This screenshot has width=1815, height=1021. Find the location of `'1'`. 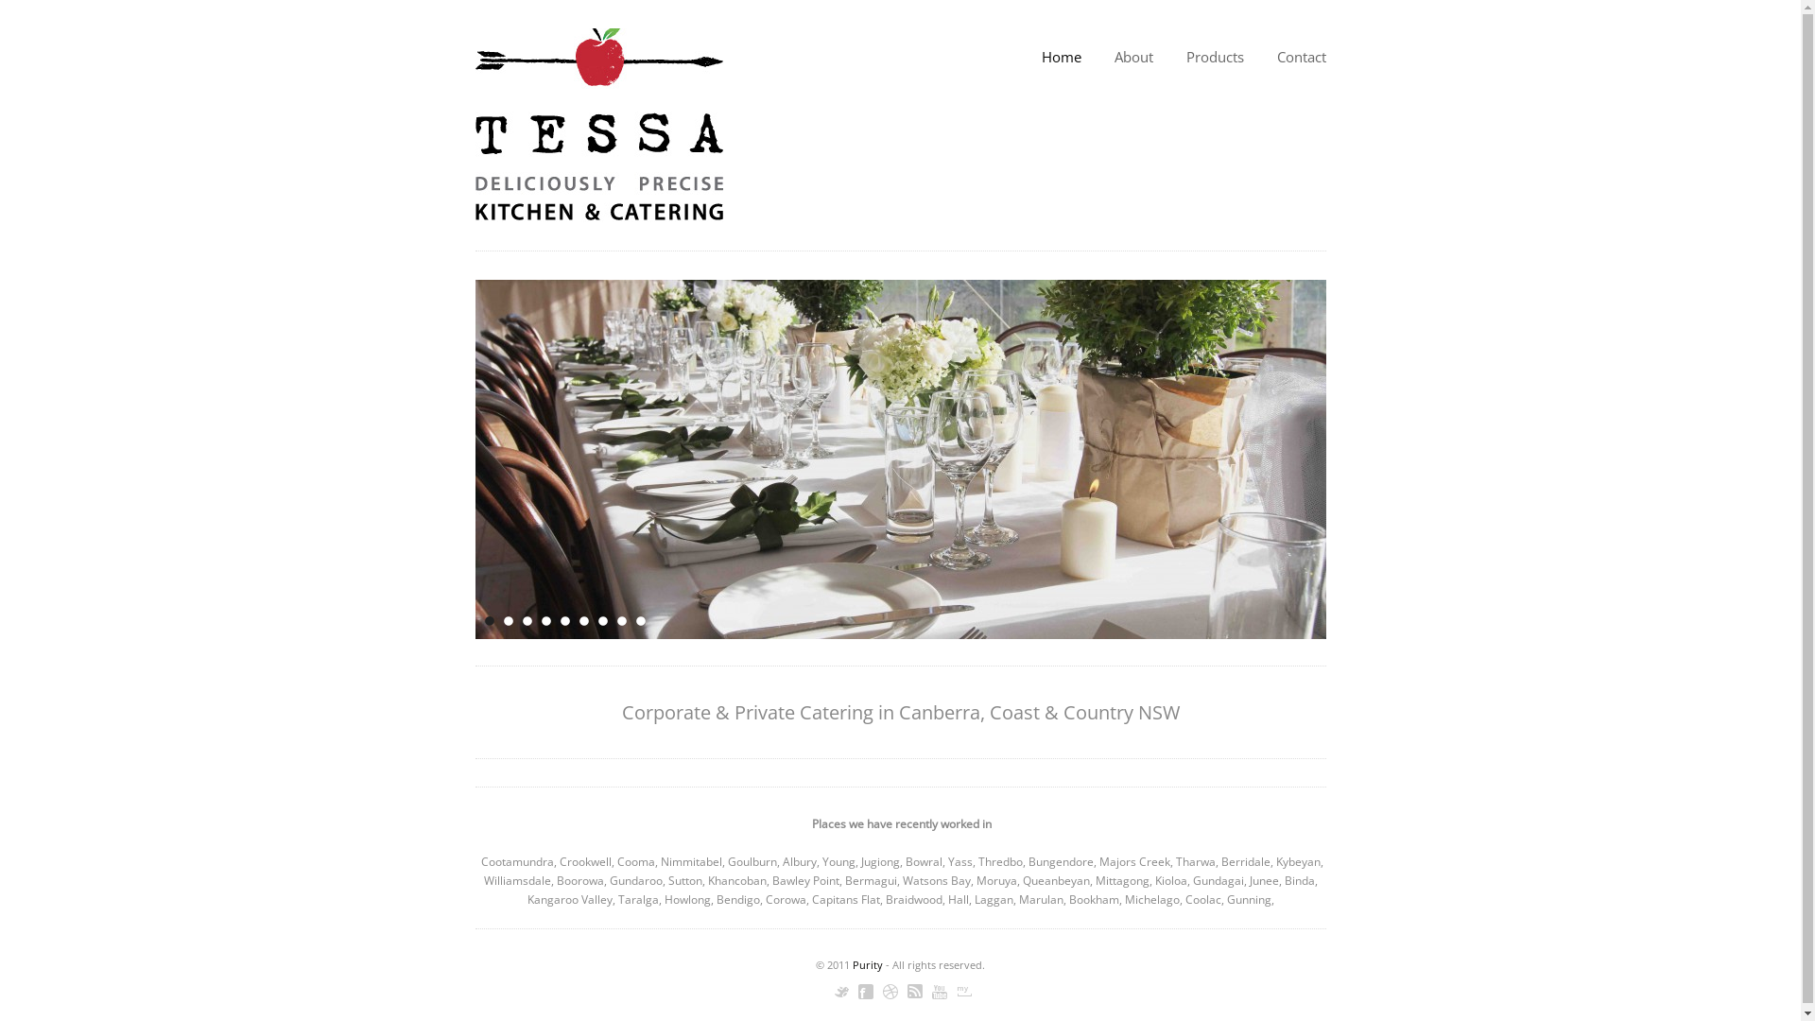

'1' is located at coordinates (489, 620).